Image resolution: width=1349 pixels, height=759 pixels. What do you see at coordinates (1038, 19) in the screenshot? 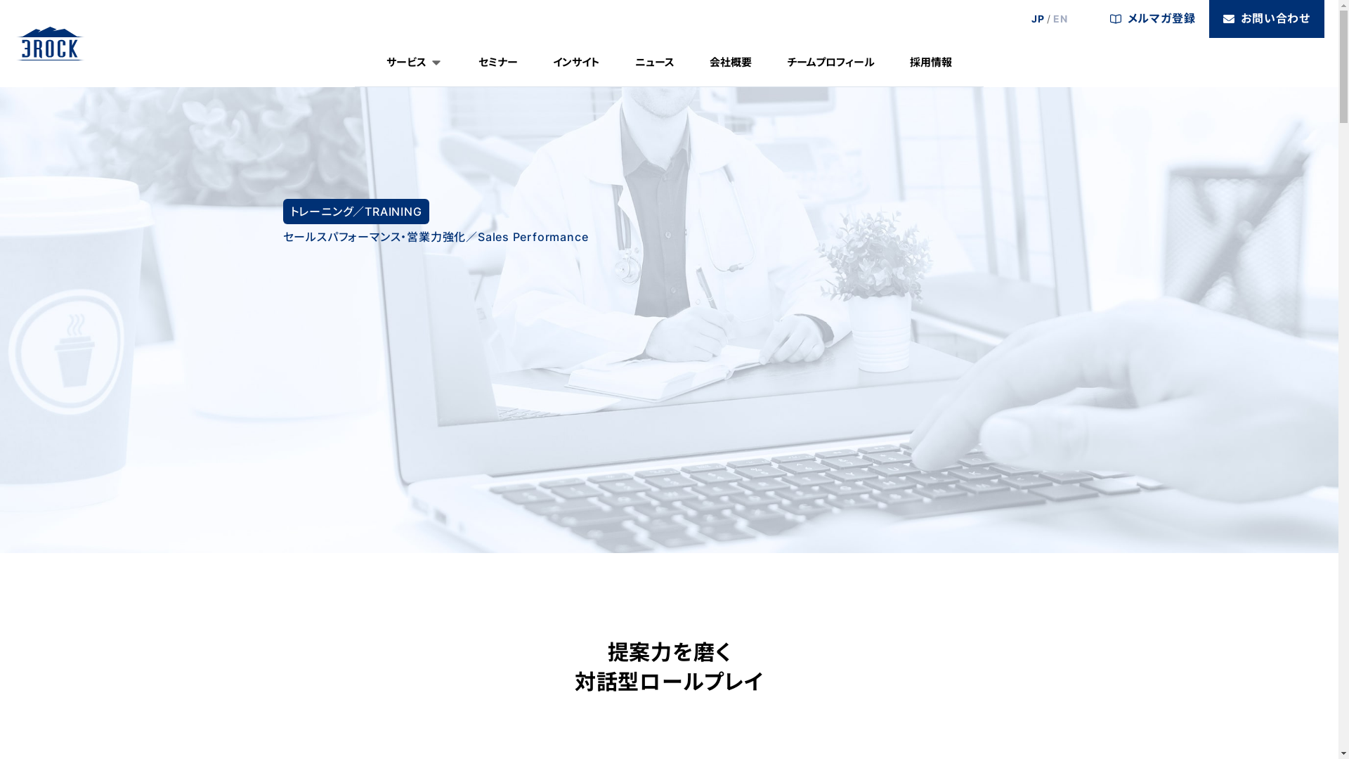
I see `'JP'` at bounding box center [1038, 19].